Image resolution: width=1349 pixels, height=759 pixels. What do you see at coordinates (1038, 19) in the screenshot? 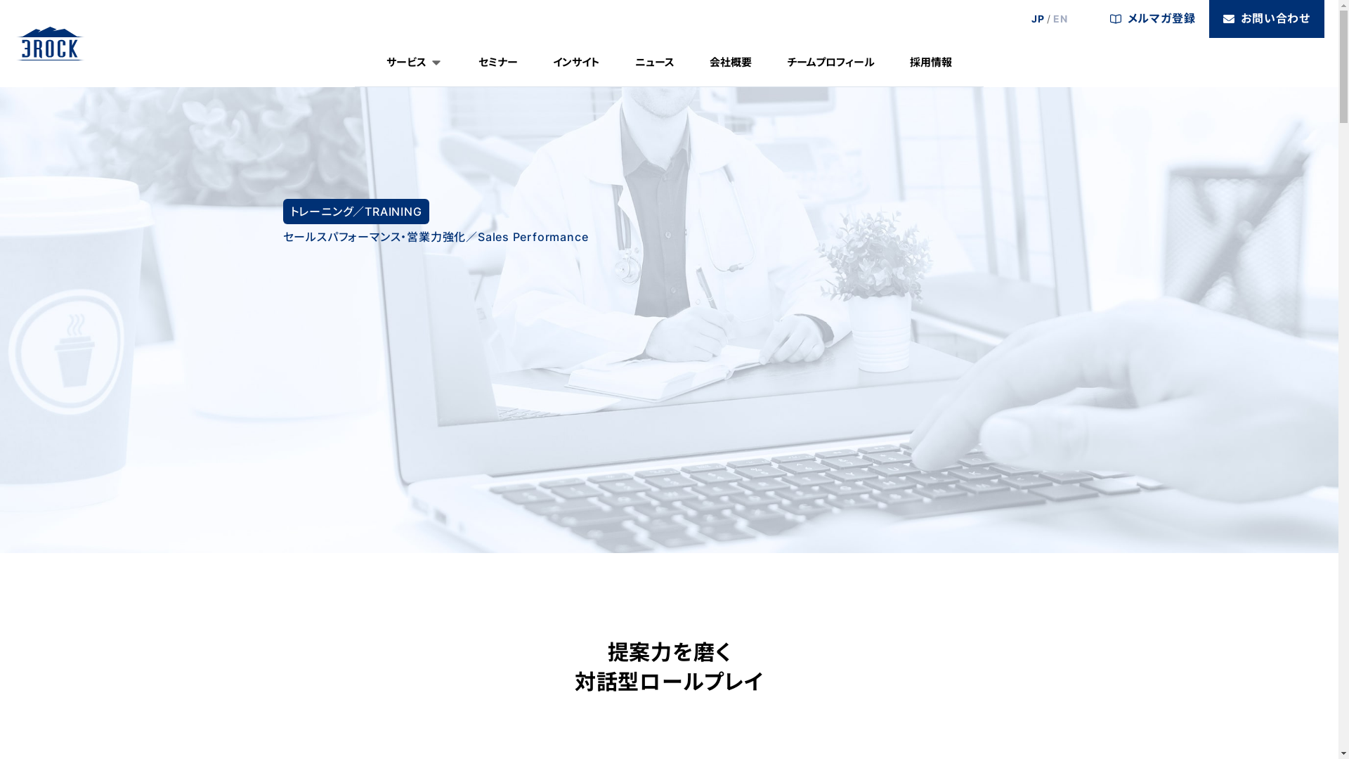
I see `'JP'` at bounding box center [1038, 19].